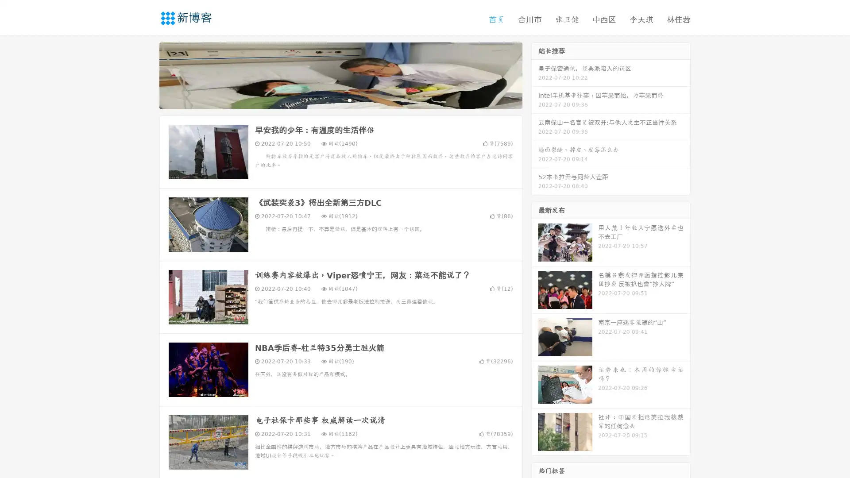 The height and width of the screenshot is (478, 850). I want to click on Go to slide 3, so click(349, 100).